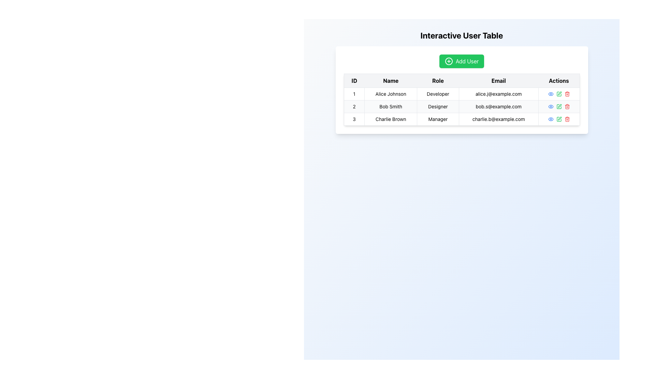  I want to click on the outlined square icon in the Actions column of the last row of the user table, so click(559, 119).